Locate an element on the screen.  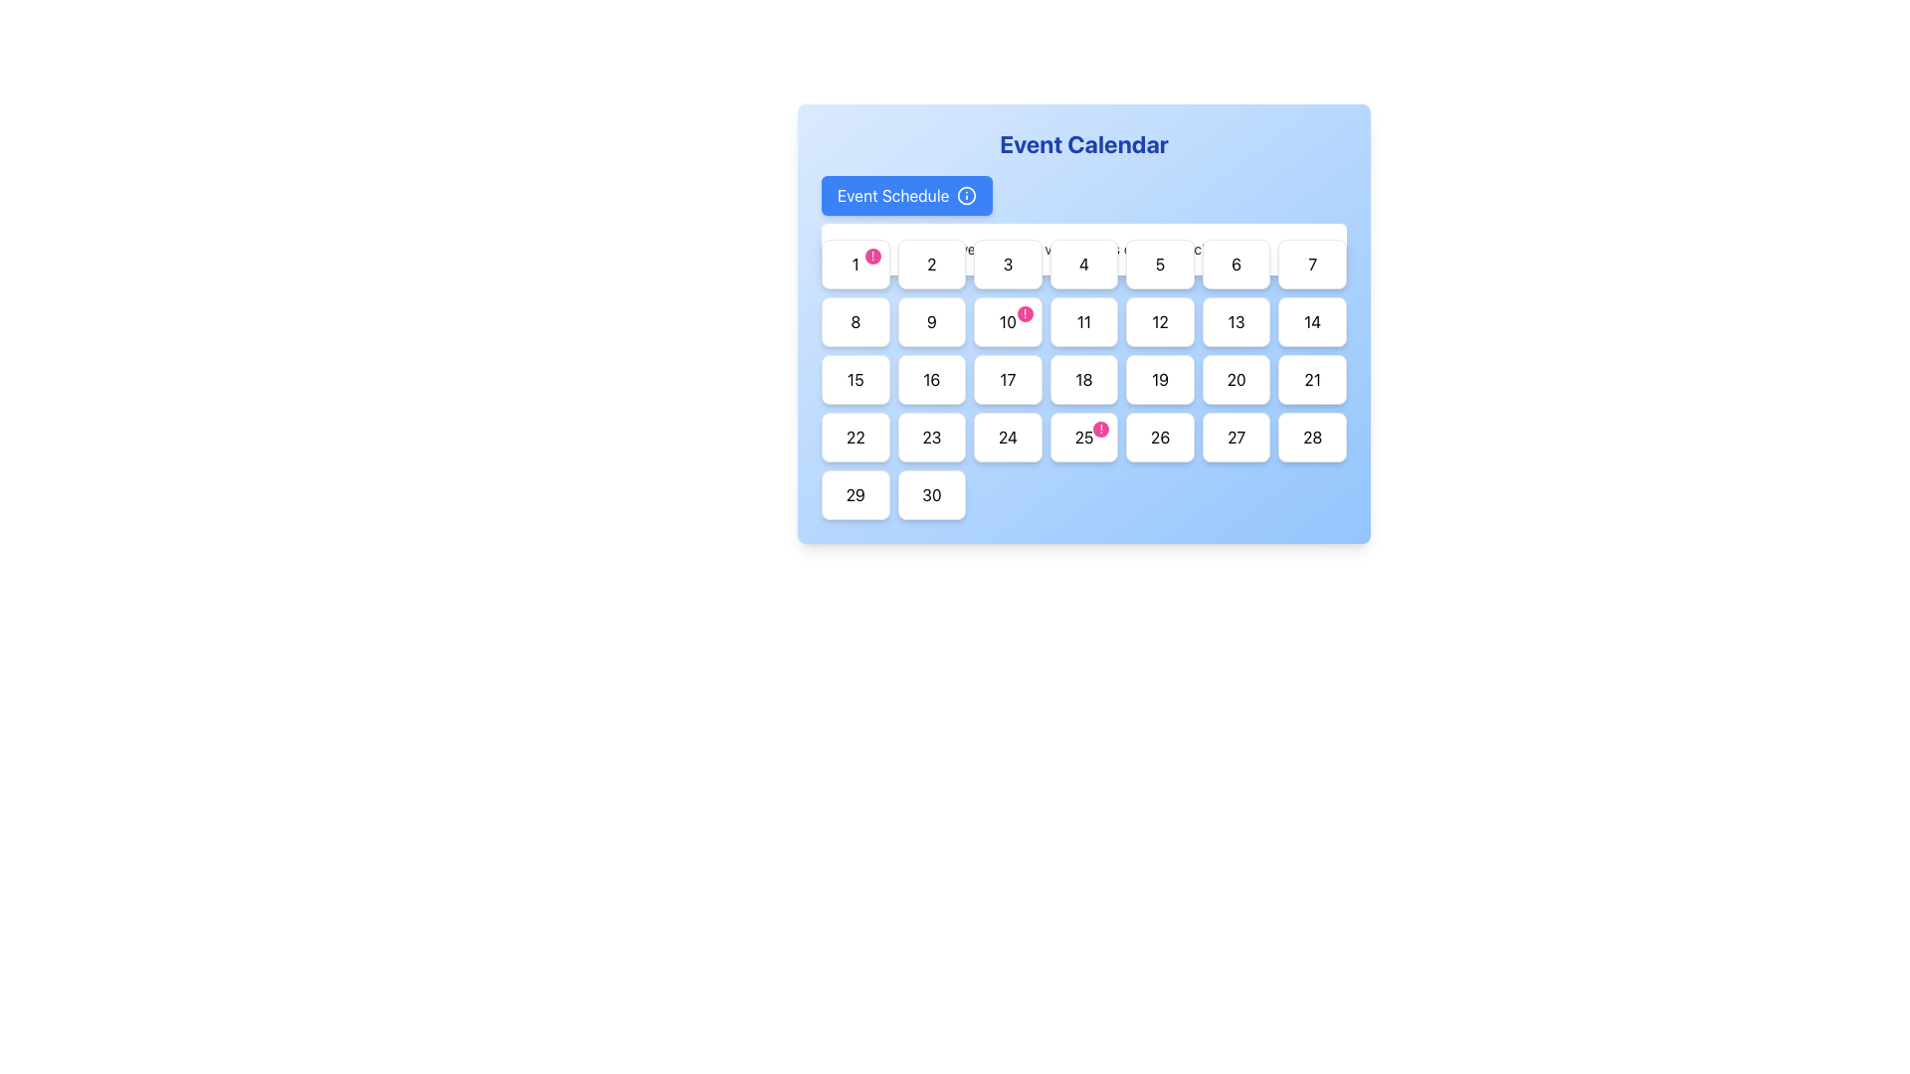
the Text Label at the top of the calendar interface, which indicates the feature presented in this module is located at coordinates (1082, 143).